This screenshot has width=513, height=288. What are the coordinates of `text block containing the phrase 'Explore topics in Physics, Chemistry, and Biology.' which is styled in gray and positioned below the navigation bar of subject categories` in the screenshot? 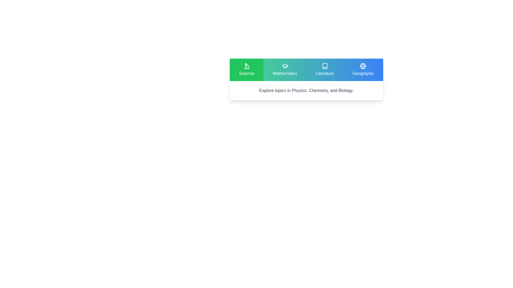 It's located at (306, 90).